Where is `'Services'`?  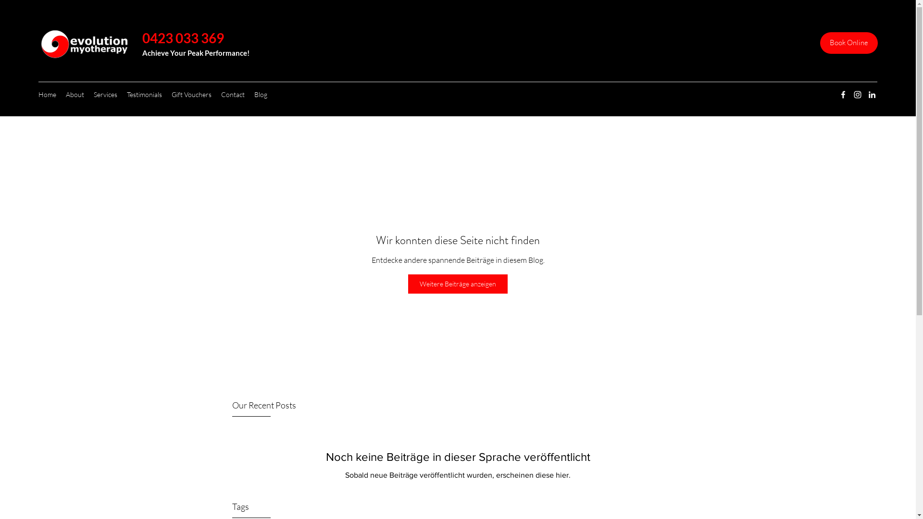
'Services' is located at coordinates (105, 94).